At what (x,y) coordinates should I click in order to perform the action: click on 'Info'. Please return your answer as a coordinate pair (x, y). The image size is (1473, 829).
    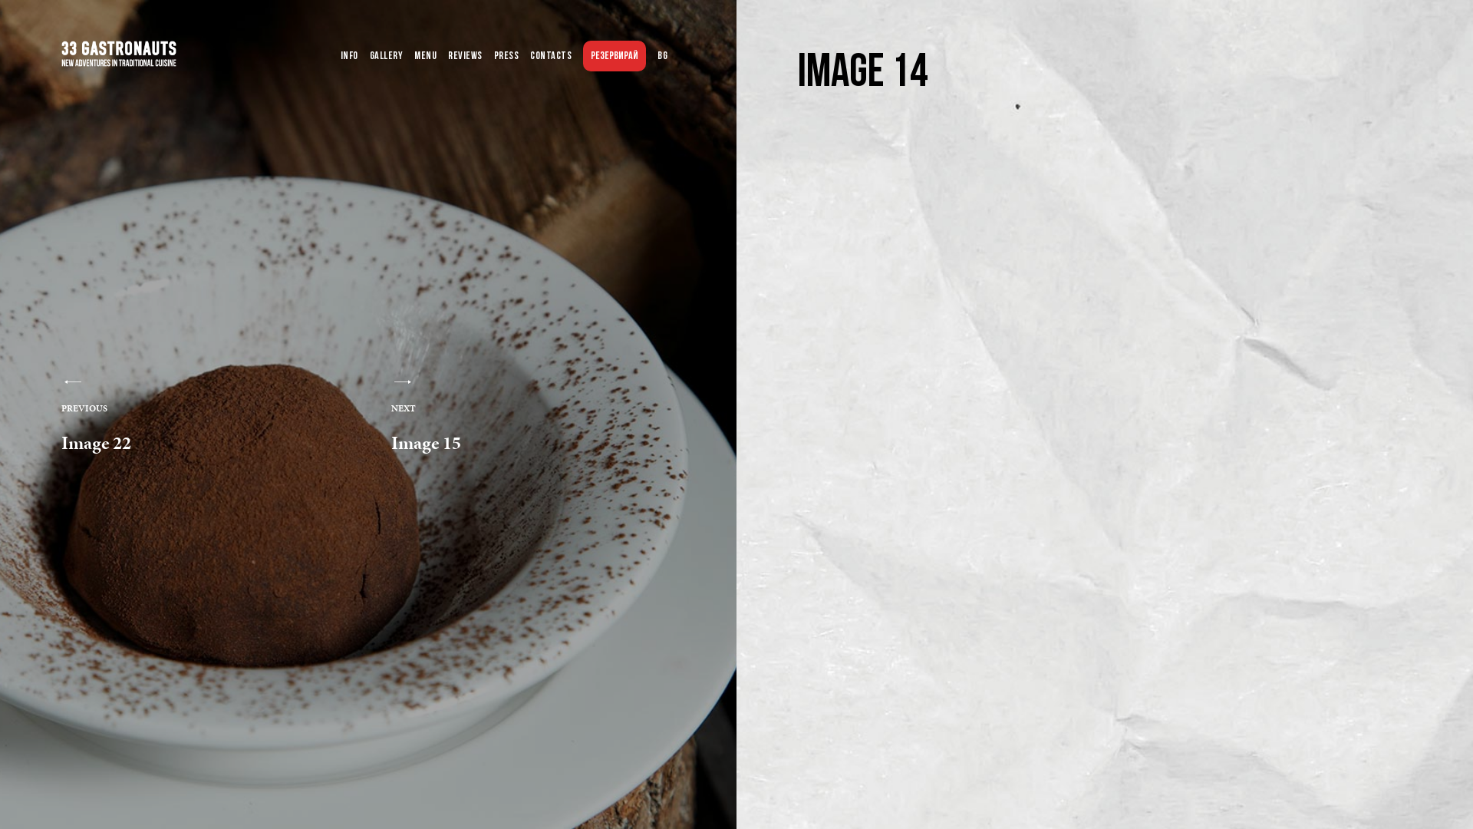
    Looking at the image, I should click on (348, 55).